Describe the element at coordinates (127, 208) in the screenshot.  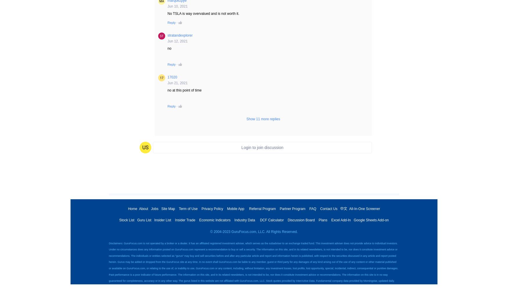
I see `'Home'` at that location.